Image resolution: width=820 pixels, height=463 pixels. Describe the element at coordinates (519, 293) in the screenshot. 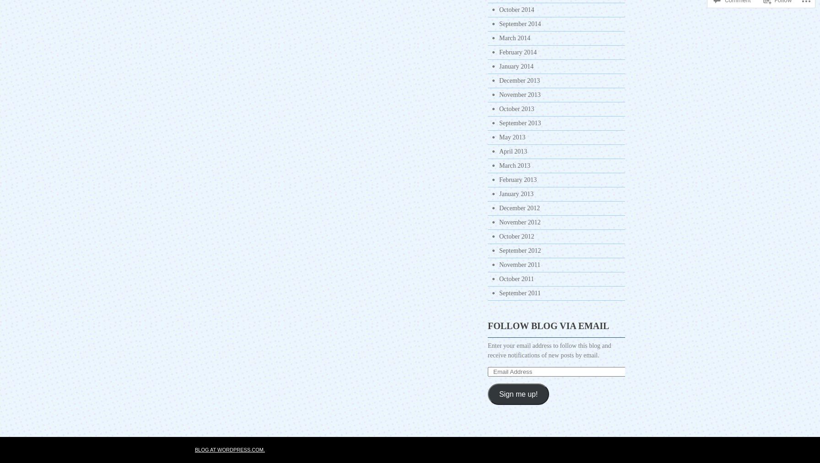

I see `'September 2011'` at that location.